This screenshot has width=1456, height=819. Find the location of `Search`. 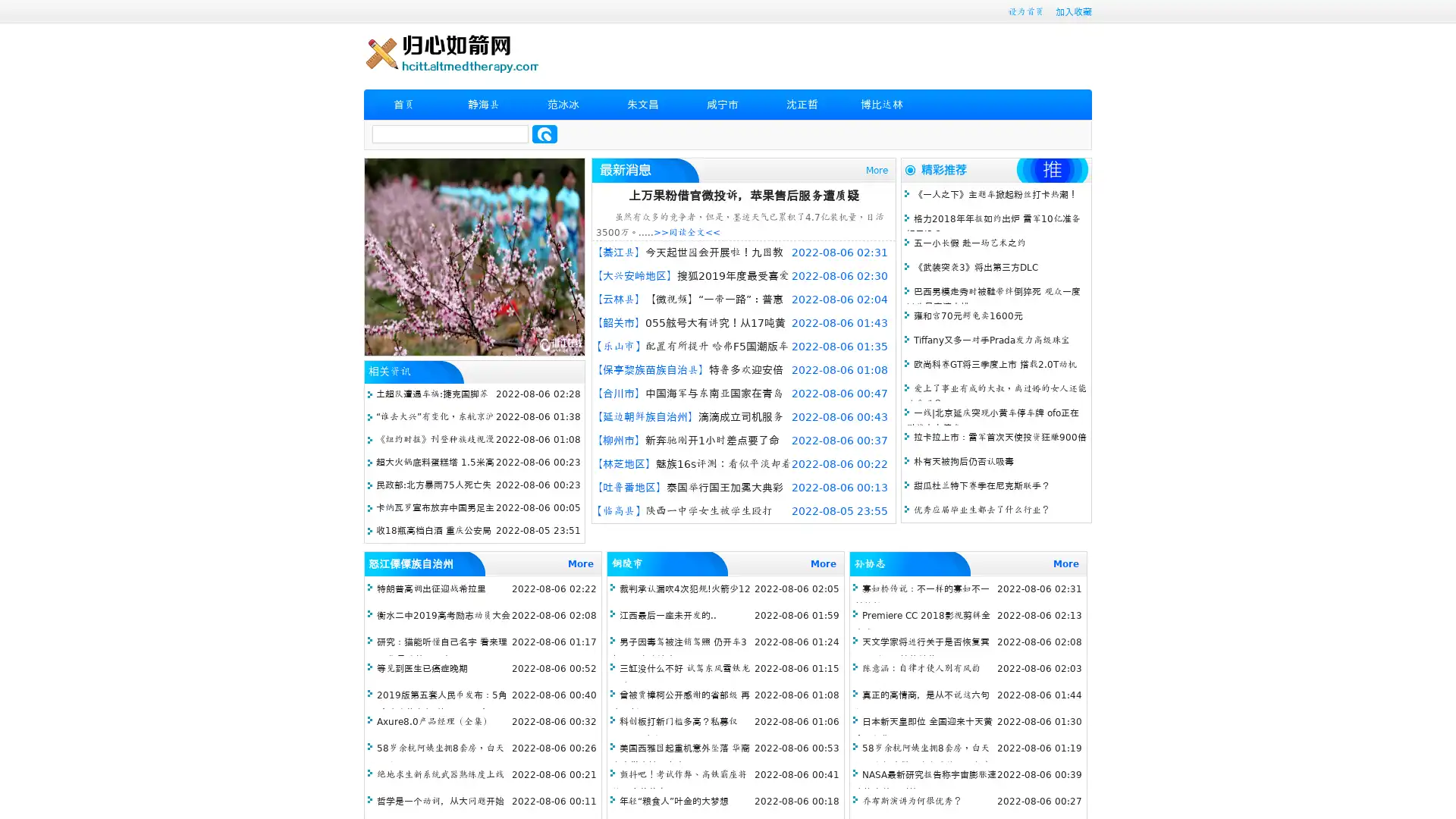

Search is located at coordinates (544, 133).